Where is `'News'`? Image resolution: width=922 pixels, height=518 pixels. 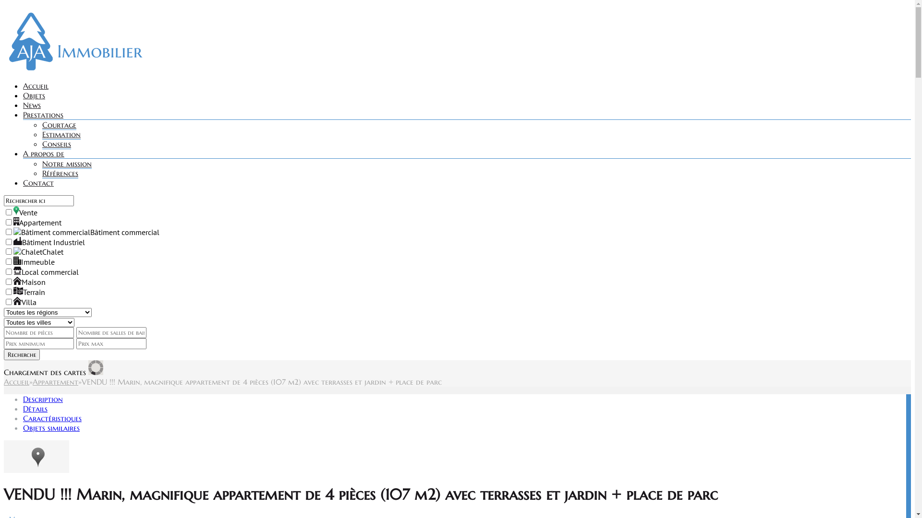 'News' is located at coordinates (32, 105).